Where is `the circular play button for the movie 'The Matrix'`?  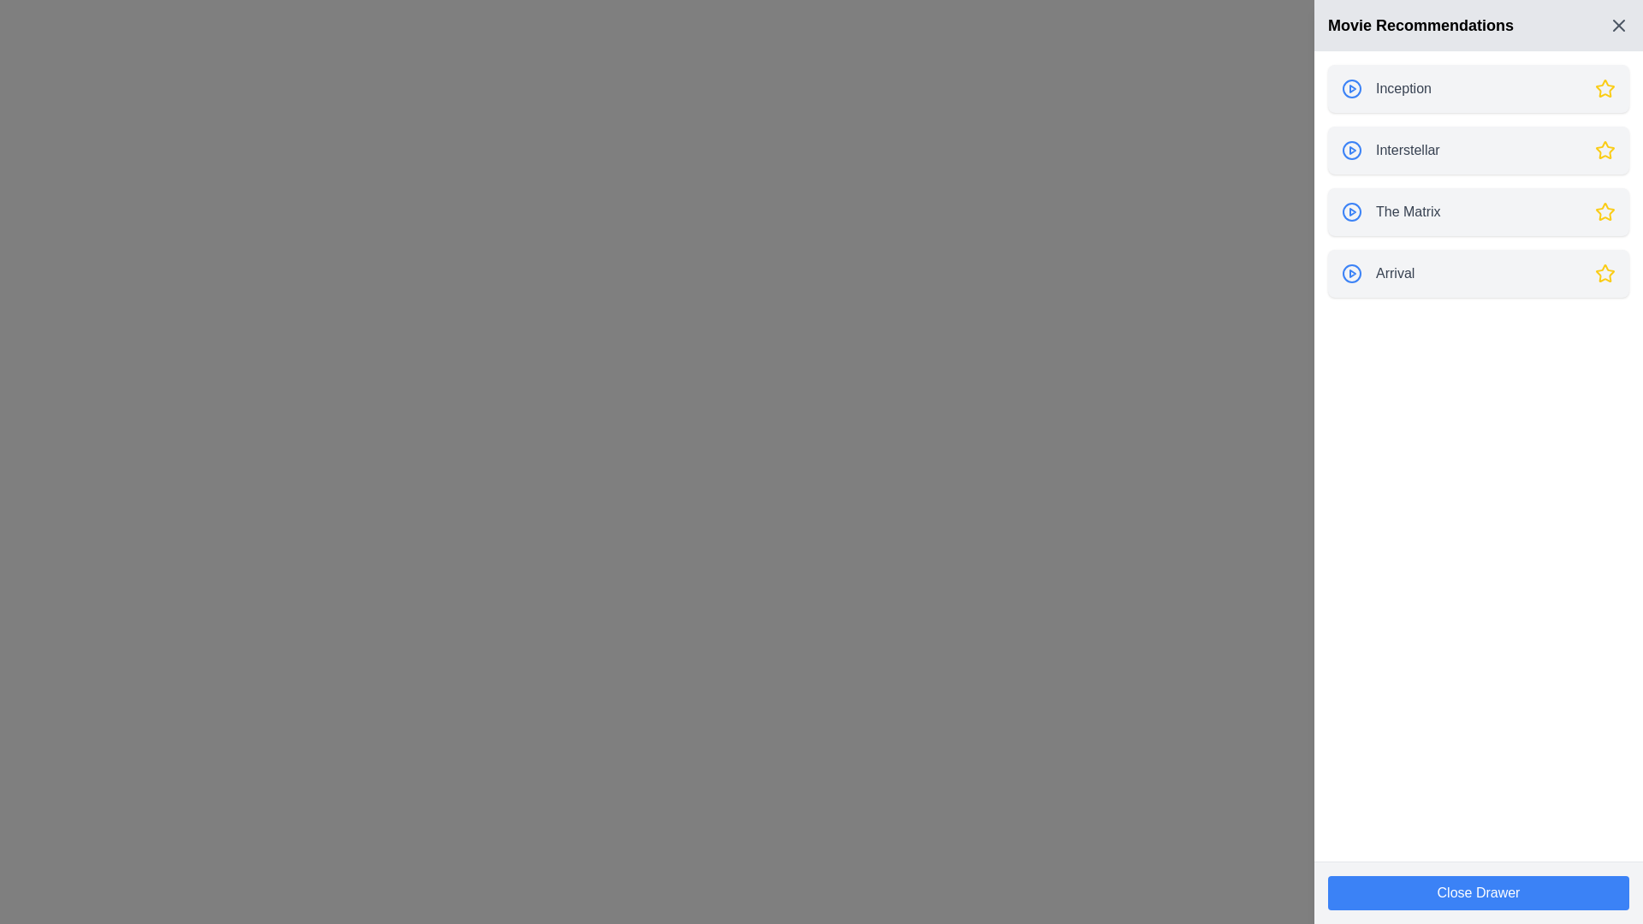
the circular play button for the movie 'The Matrix' is located at coordinates (1350, 210).